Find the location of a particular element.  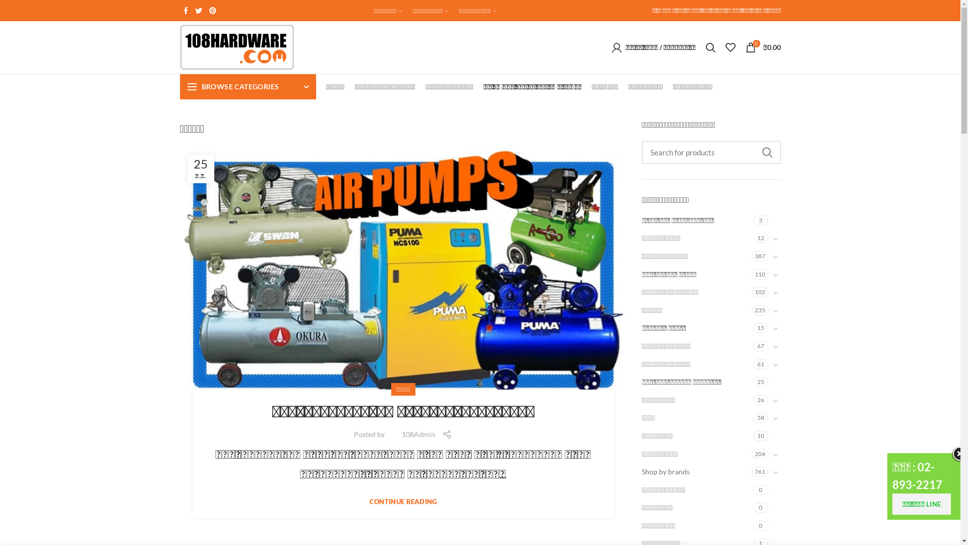

'My Wishlist' is located at coordinates (730, 47).